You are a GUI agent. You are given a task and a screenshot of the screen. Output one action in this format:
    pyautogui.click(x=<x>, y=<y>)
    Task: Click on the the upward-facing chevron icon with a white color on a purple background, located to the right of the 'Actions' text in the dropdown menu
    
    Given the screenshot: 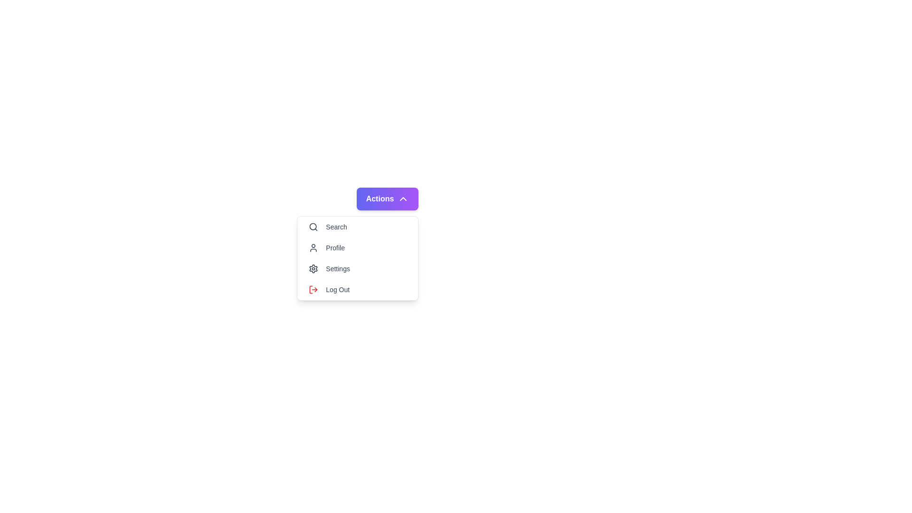 What is the action you would take?
    pyautogui.click(x=403, y=199)
    